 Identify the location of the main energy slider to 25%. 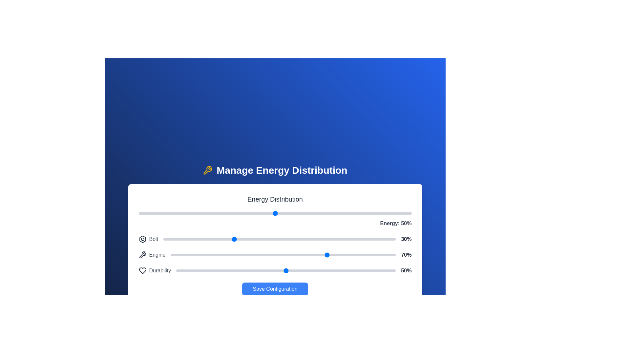
(206, 213).